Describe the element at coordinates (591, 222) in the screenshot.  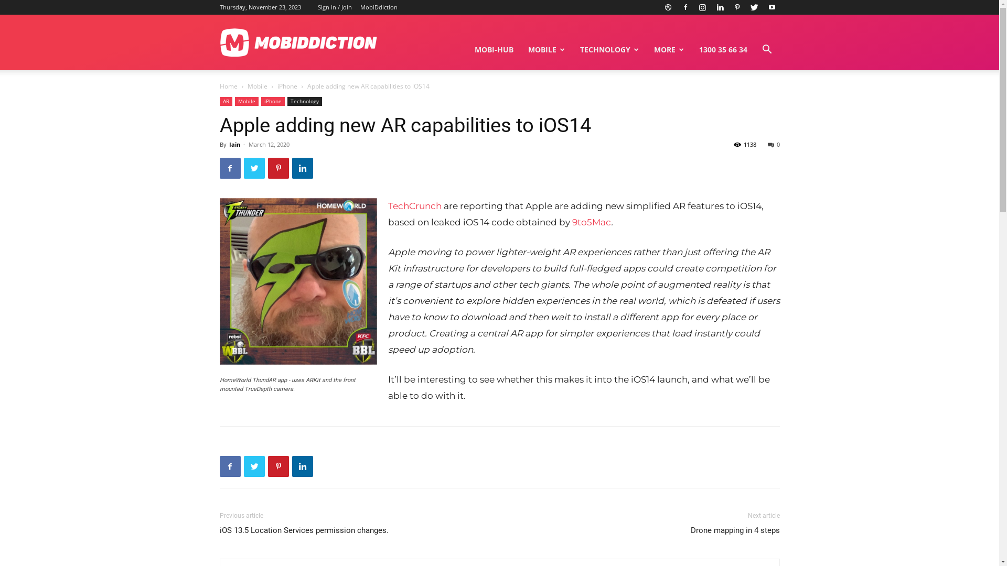
I see `'9to5Mac'` at that location.